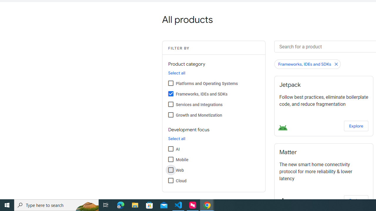 The image size is (376, 211). What do you see at coordinates (170, 104) in the screenshot?
I see `'Services and Integrations'` at bounding box center [170, 104].